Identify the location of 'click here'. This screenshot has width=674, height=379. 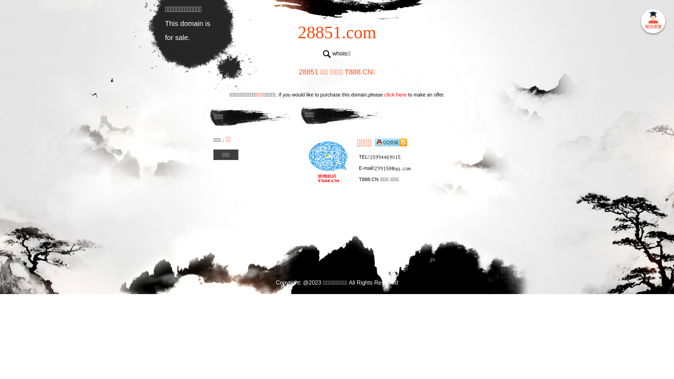
(396, 94).